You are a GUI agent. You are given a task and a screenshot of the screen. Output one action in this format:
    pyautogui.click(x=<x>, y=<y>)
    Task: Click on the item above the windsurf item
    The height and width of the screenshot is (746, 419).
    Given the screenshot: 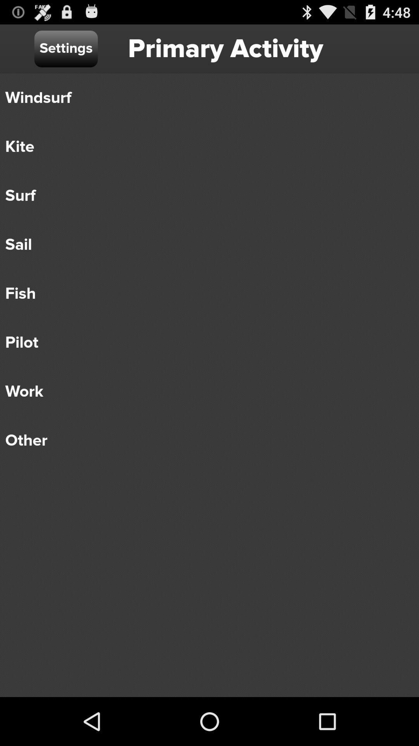 What is the action you would take?
    pyautogui.click(x=66, y=48)
    